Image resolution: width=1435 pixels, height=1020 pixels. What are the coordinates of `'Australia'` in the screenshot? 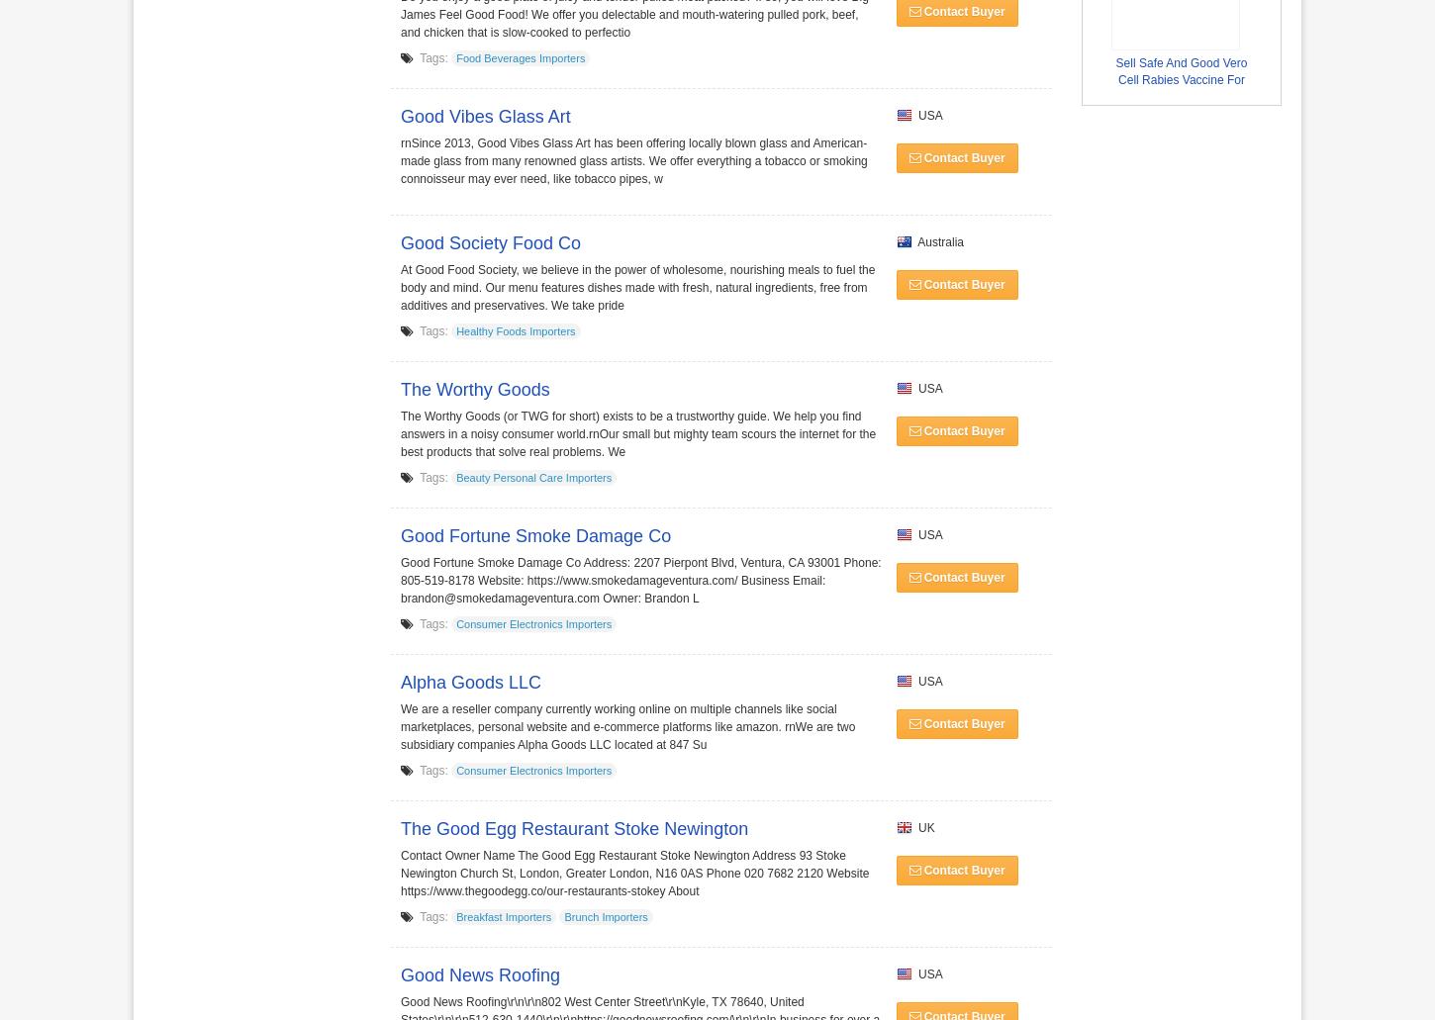 It's located at (937, 241).